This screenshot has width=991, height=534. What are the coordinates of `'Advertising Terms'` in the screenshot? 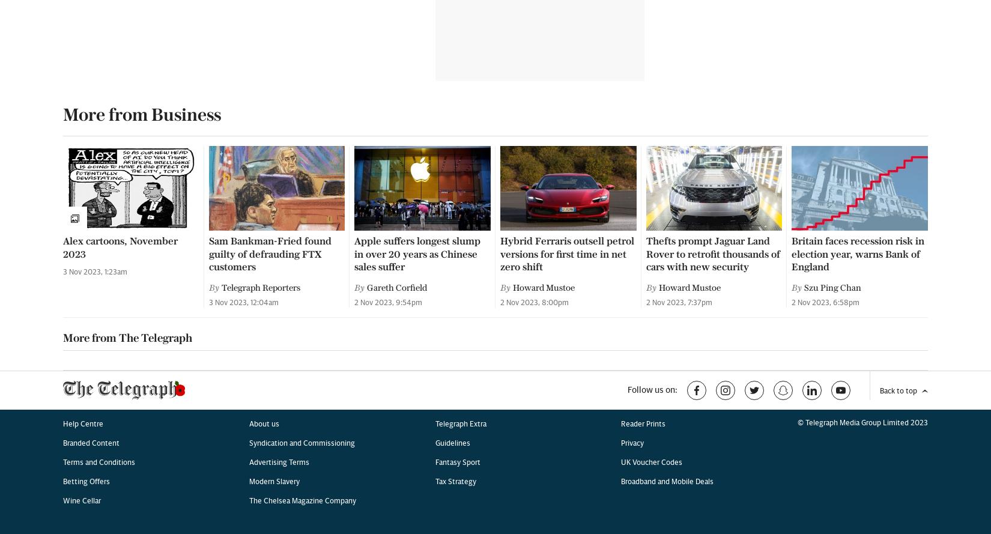 It's located at (247, 91).